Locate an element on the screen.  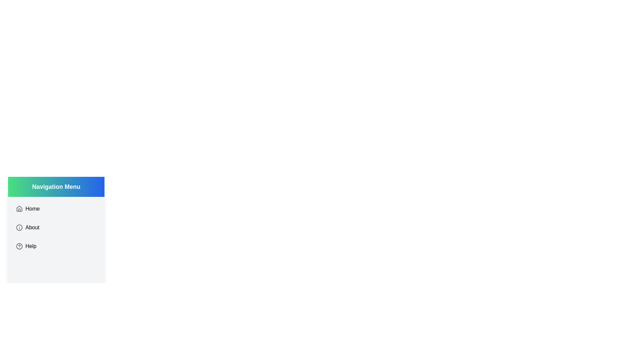
the outermost circular part of the SVG information icon located next to the 'About' menu item in the vertical navigation menu is located at coordinates (19, 227).